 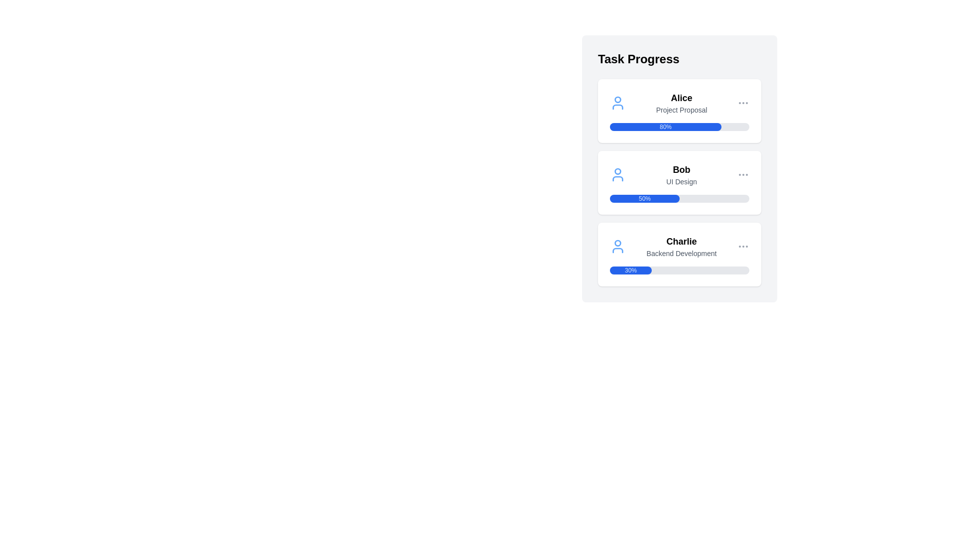 I want to click on the user icon representing 'Alice' in the first row under 'Task Progress', located to the left of the text, so click(x=617, y=103).